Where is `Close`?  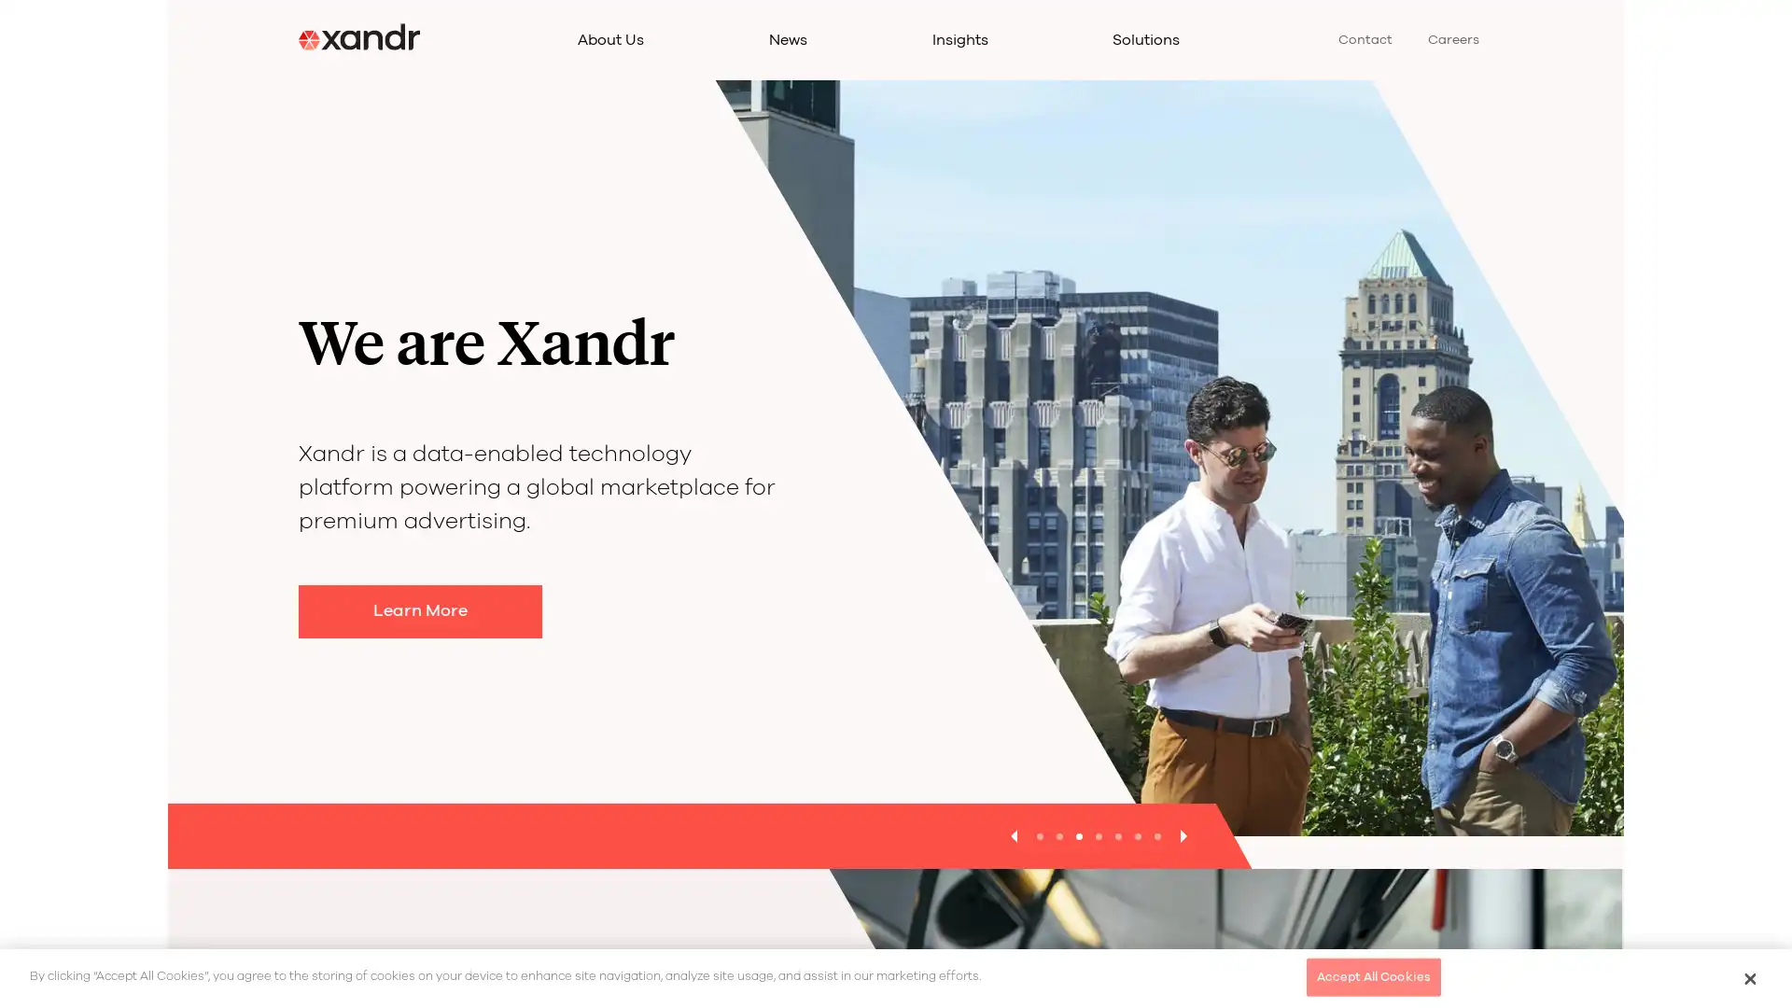 Close is located at coordinates (1748, 977).